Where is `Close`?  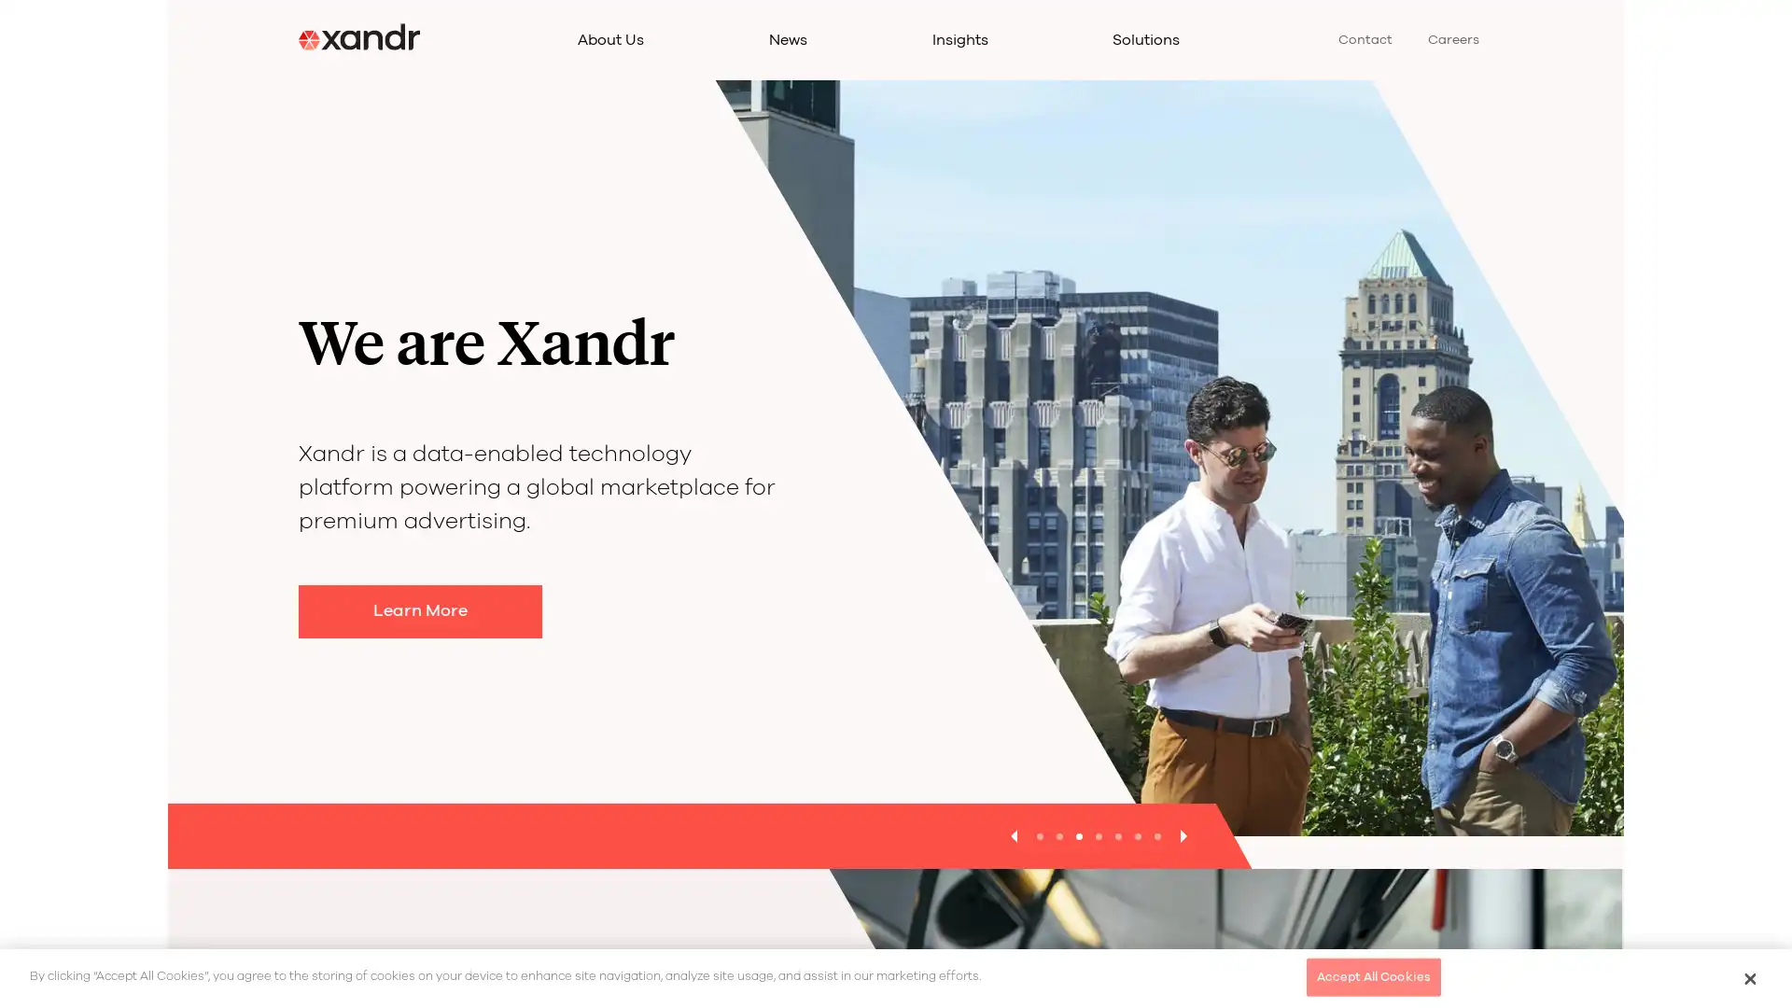 Close is located at coordinates (1748, 977).